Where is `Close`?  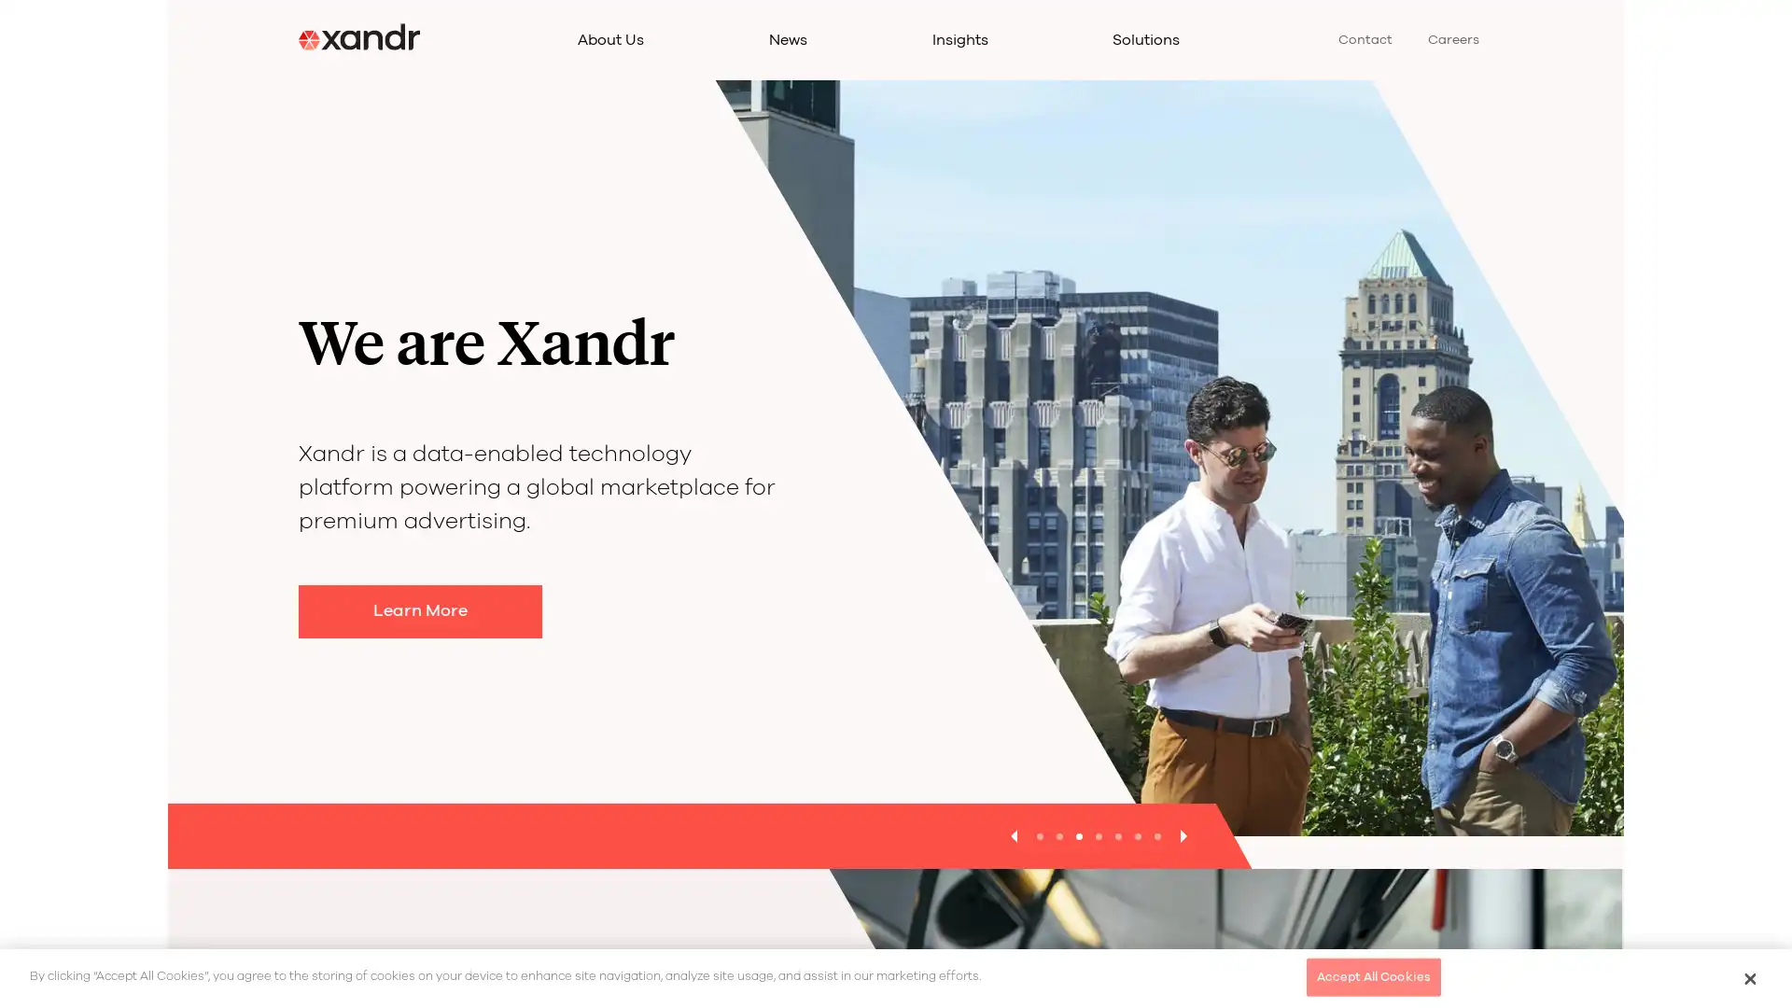 Close is located at coordinates (1748, 977).